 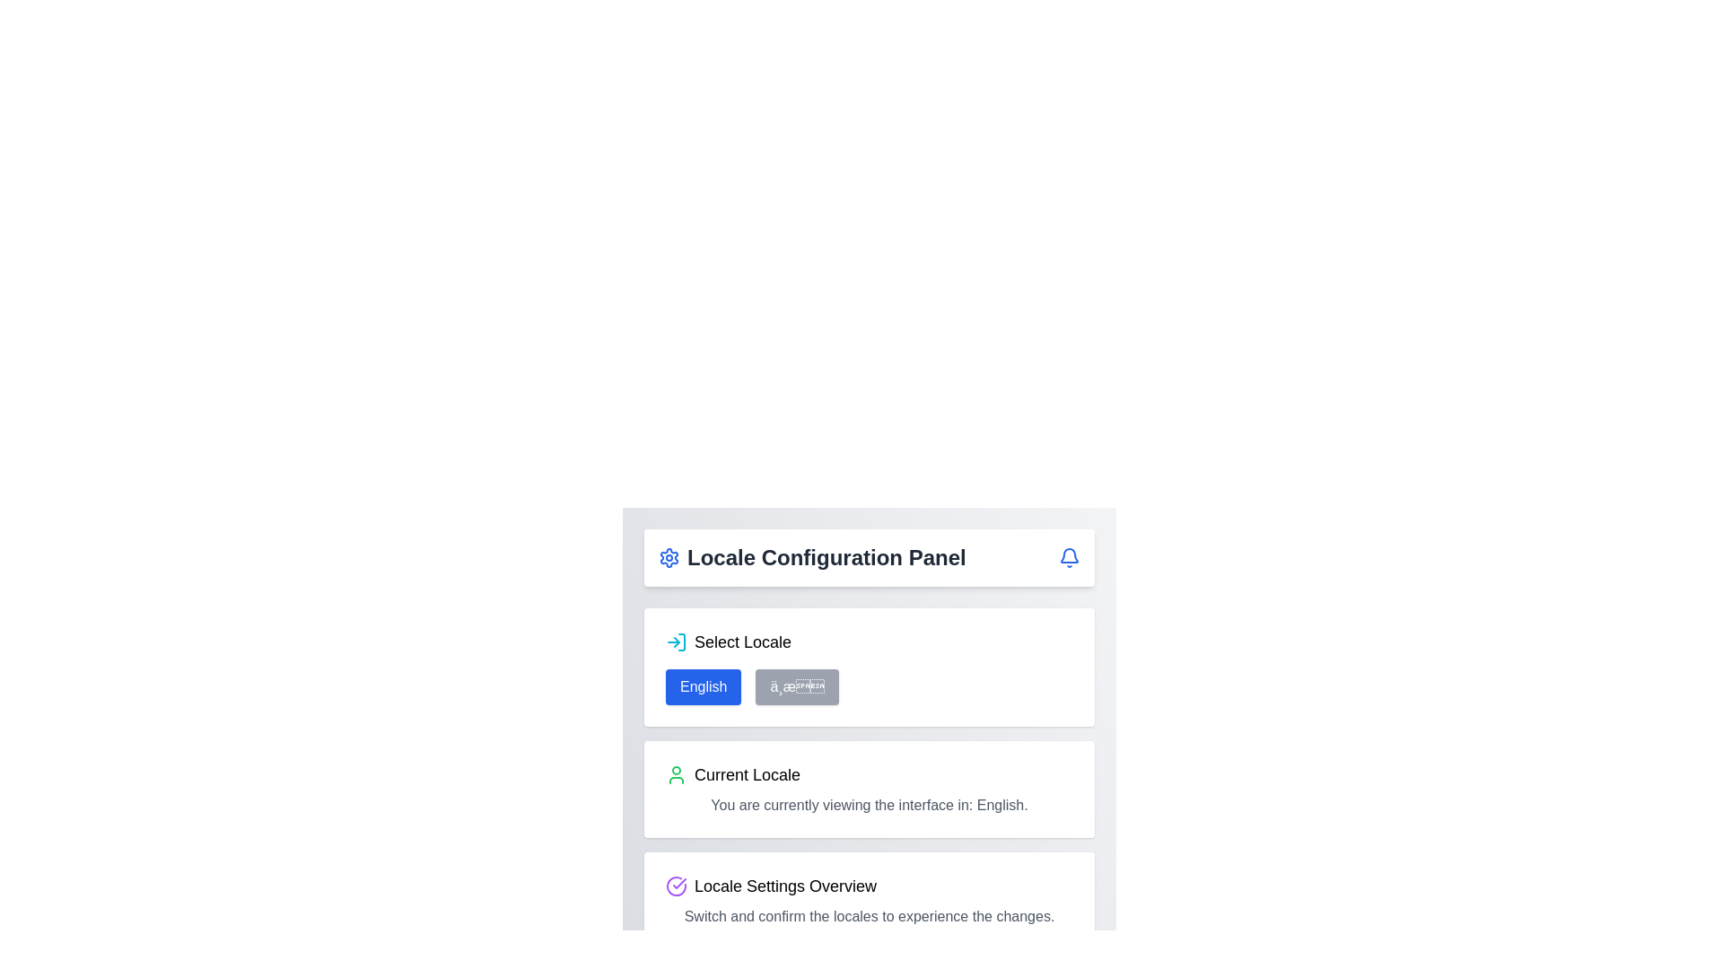 I want to click on the static text label indicating the purpose of the locale configuration interface, so click(x=826, y=556).